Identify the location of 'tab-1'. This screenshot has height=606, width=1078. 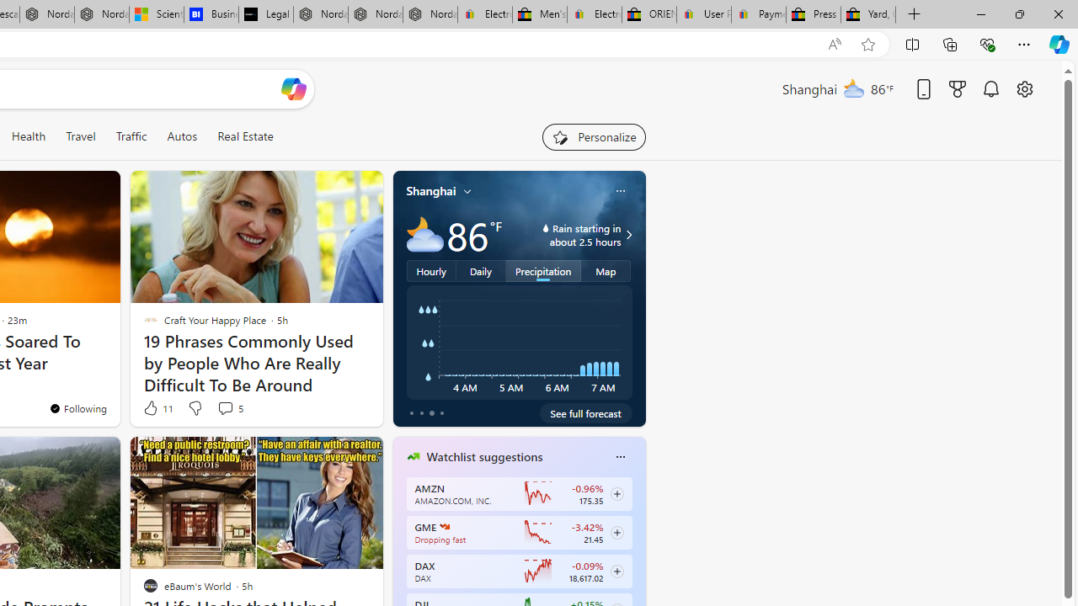
(421, 413).